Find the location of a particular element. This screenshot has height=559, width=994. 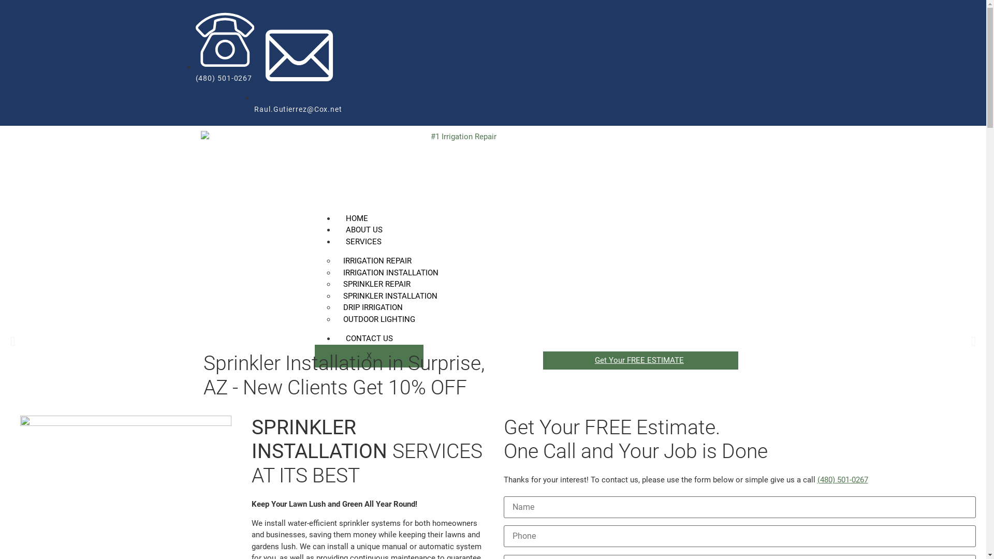

'SPRINKLER INSTALLATION' is located at coordinates (335, 296).